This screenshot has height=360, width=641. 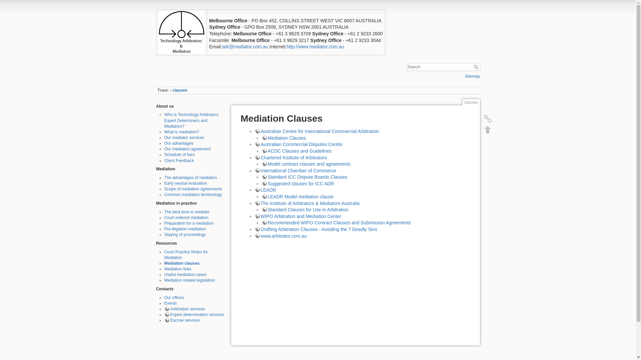 What do you see at coordinates (296, 151) in the screenshot?
I see `'ACDC Clauses and Guidelines'` at bounding box center [296, 151].